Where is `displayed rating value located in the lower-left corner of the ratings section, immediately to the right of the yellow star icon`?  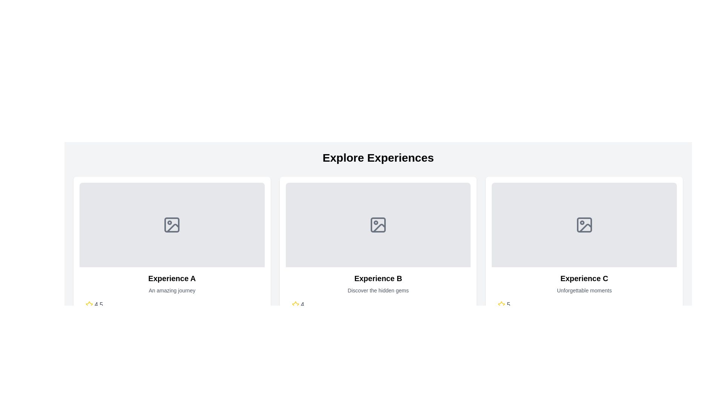
displayed rating value located in the lower-left corner of the ratings section, immediately to the right of the yellow star icon is located at coordinates (98, 304).